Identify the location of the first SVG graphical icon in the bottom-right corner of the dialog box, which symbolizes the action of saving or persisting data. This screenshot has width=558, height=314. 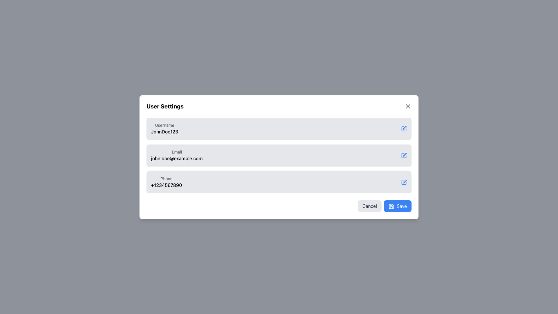
(391, 206).